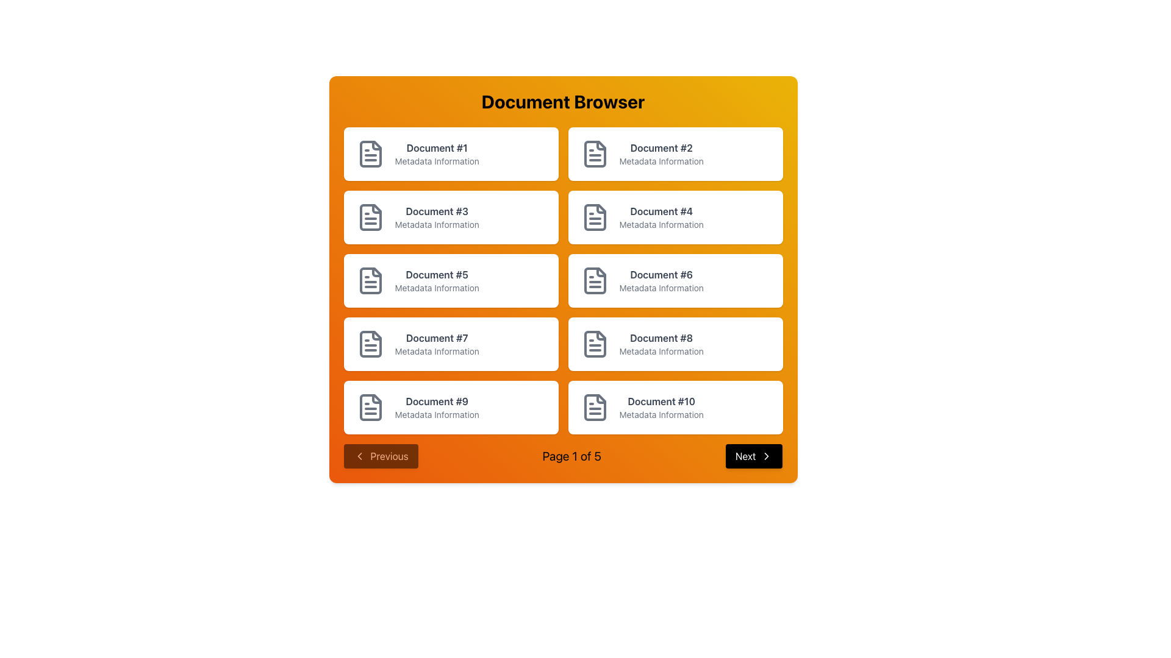 This screenshot has height=658, width=1171. What do you see at coordinates (595, 407) in the screenshot?
I see `the gray file icon with a folded corner and three stylized lines representing a document, located in the bottom-right corner of the grid layout, next to the label 'Document #10'` at bounding box center [595, 407].